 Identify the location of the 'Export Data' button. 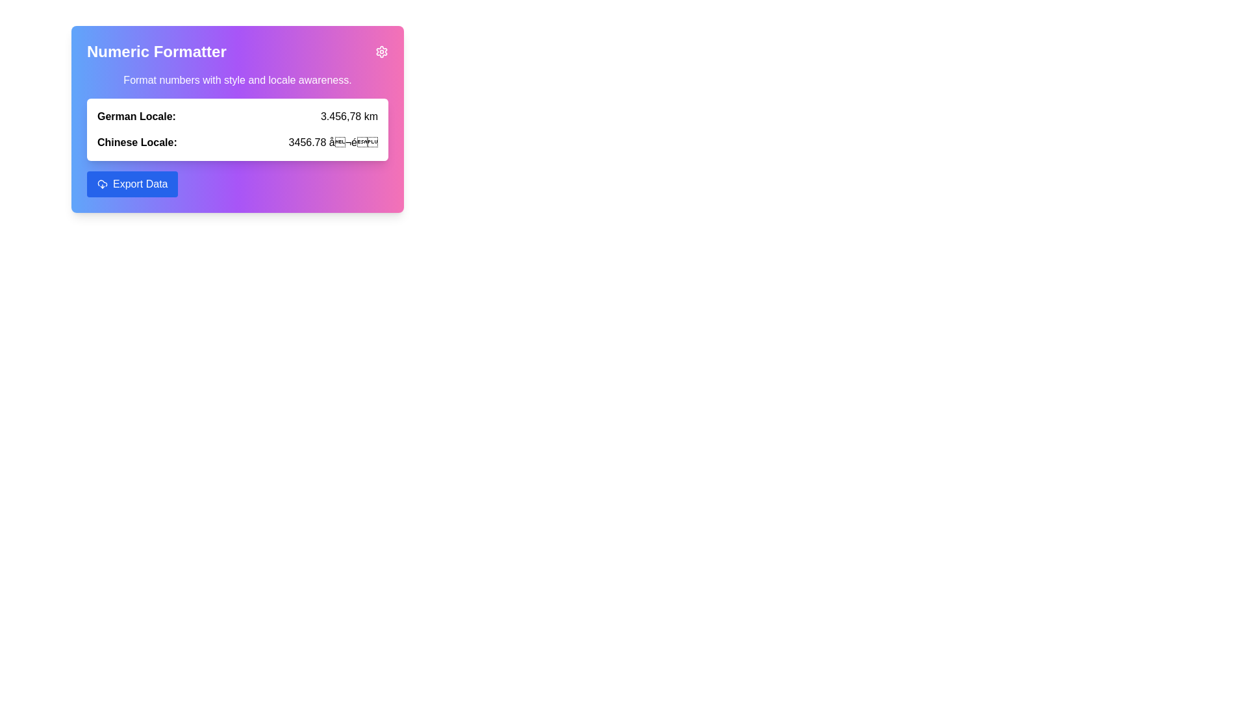
(140, 184).